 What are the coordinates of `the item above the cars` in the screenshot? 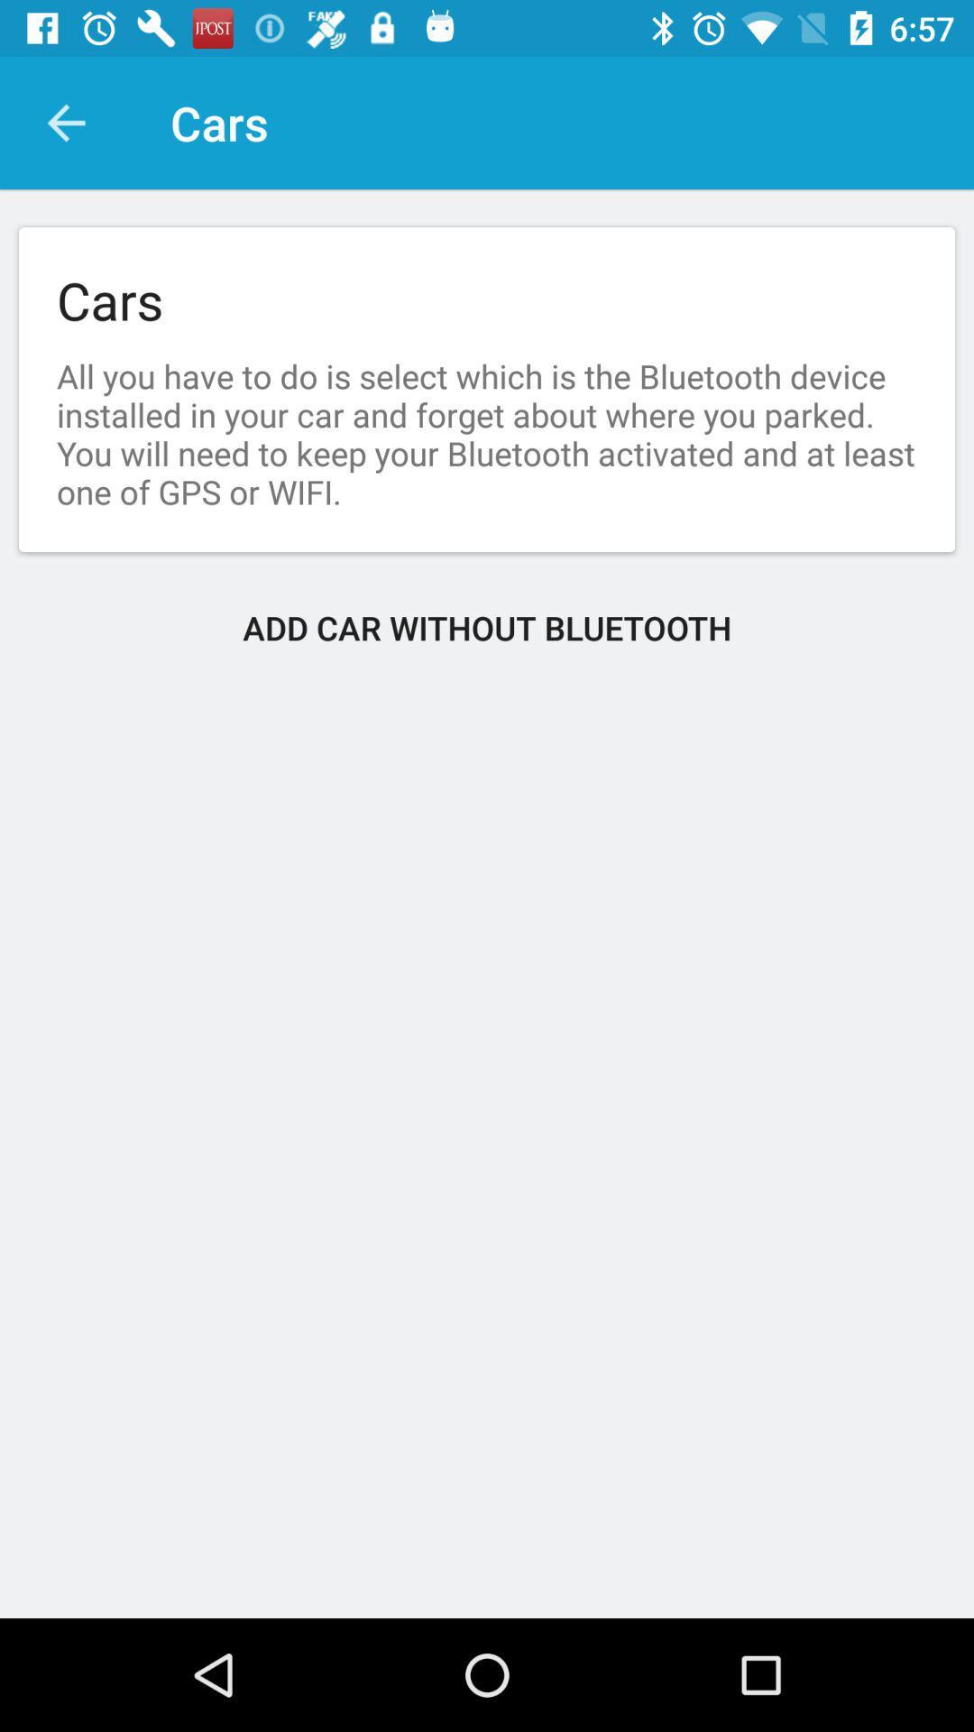 It's located at (65, 122).